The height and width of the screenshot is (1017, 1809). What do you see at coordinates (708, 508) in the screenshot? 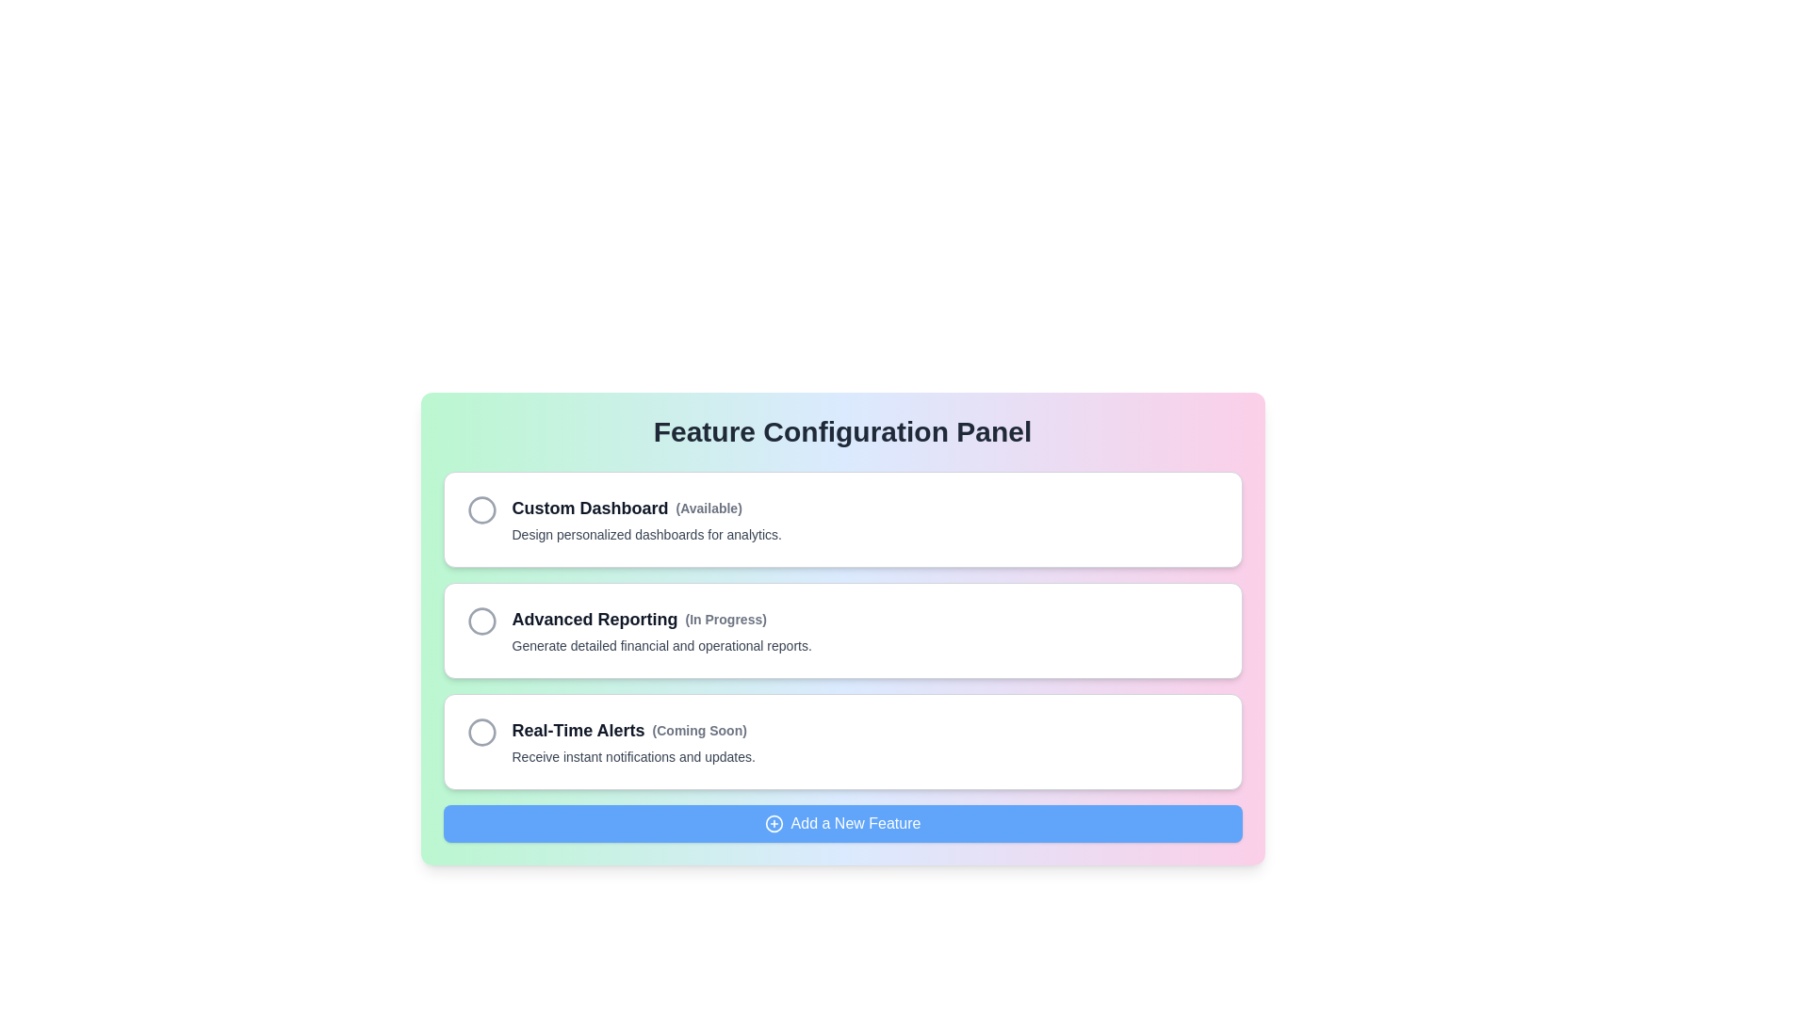
I see `the status indicator label for the 'Custom Dashboard' feature located to the right of the main text within the first feature entry box in the 'Feature Configuration Panel'` at bounding box center [708, 508].